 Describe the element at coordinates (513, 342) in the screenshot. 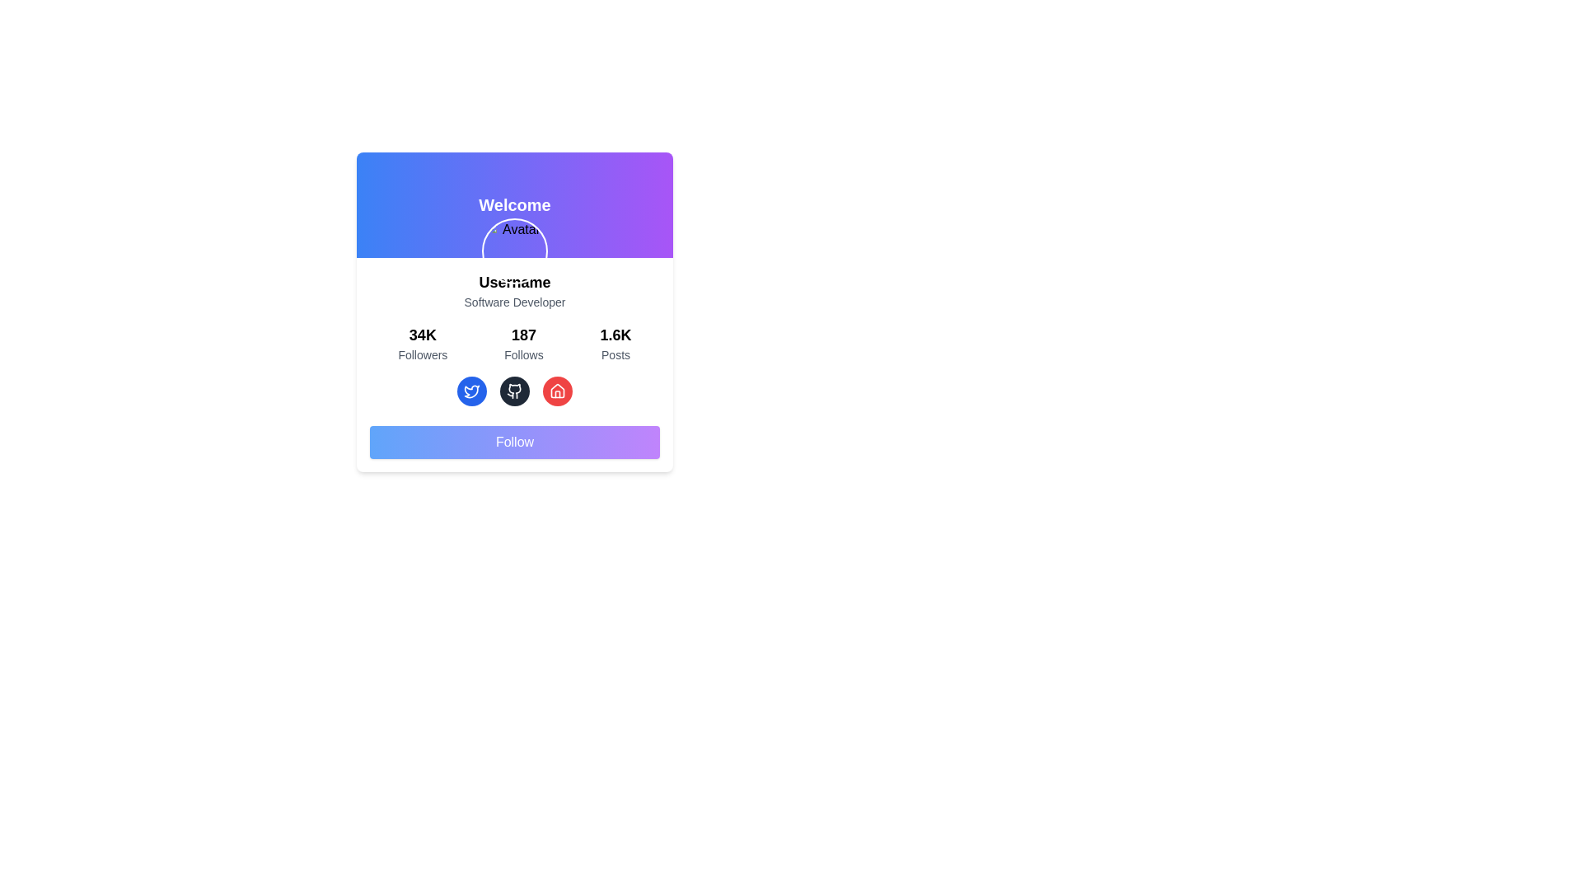

I see `the Summary block displaying the values '34K' for Followers, '187' for Follows, and '1.6K' for Posts, which is located centrally within the user profile card layout` at that location.